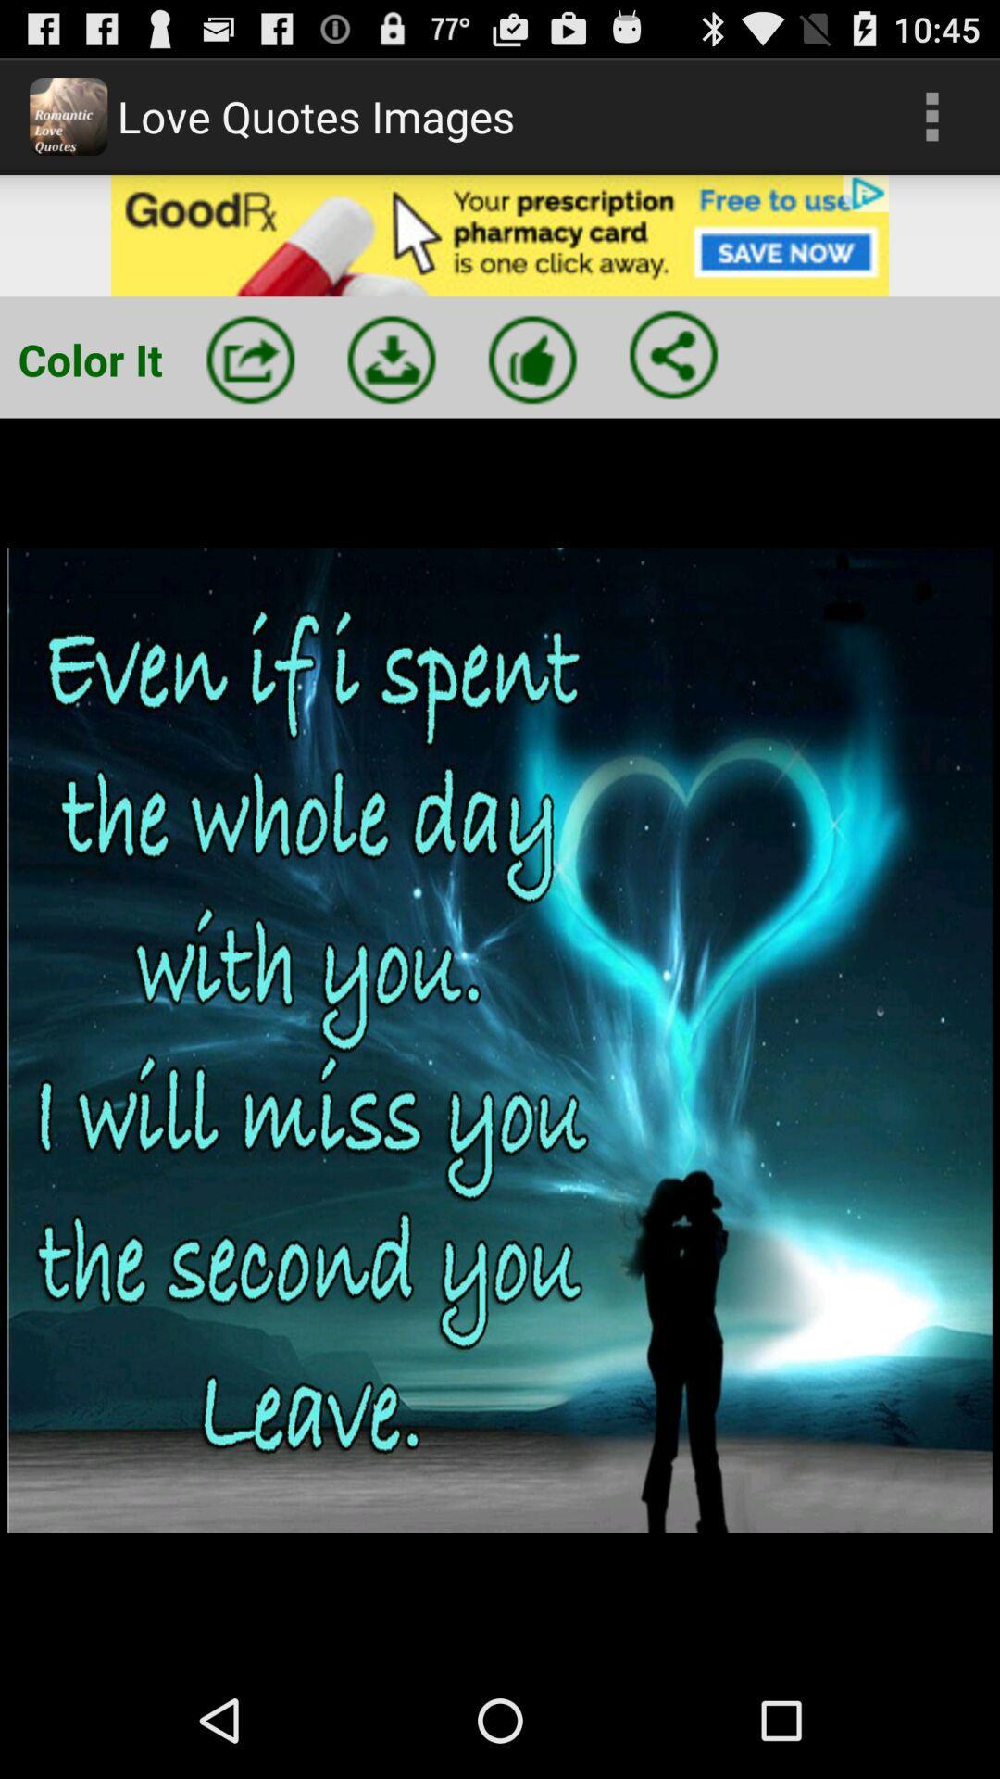  What do you see at coordinates (250, 360) in the screenshot?
I see `open in new page` at bounding box center [250, 360].